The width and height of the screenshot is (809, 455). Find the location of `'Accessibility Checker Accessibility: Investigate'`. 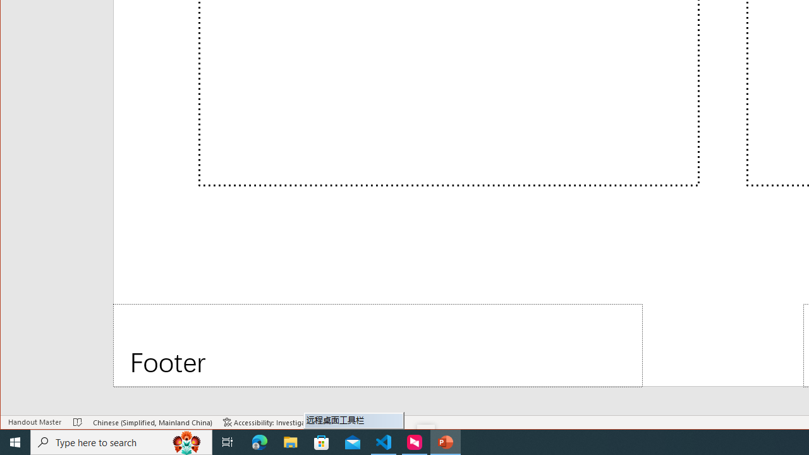

'Accessibility Checker Accessibility: Investigate' is located at coordinates (267, 422).